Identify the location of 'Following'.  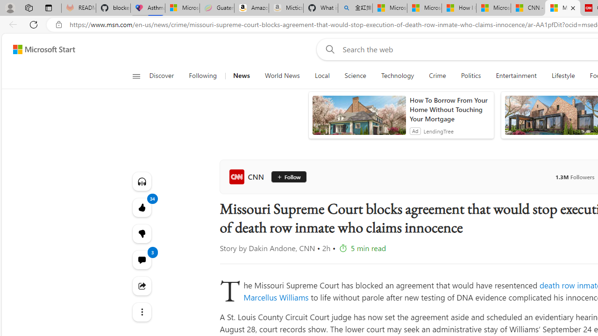
(203, 76).